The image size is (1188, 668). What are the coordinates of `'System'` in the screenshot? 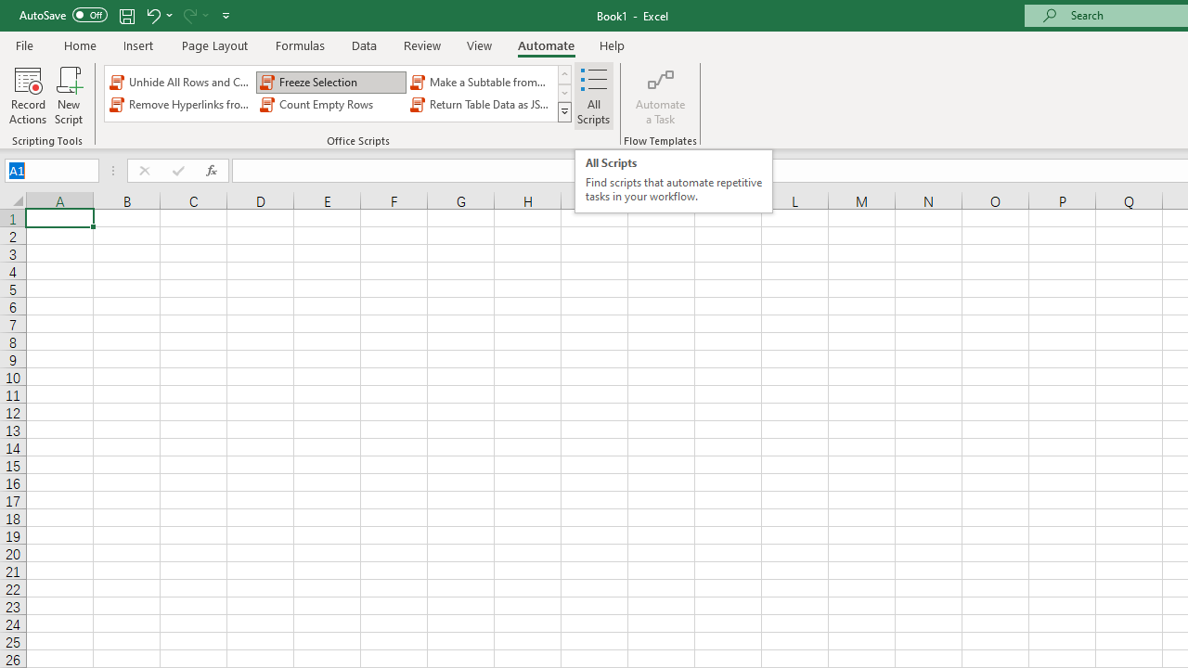 It's located at (9, 10).